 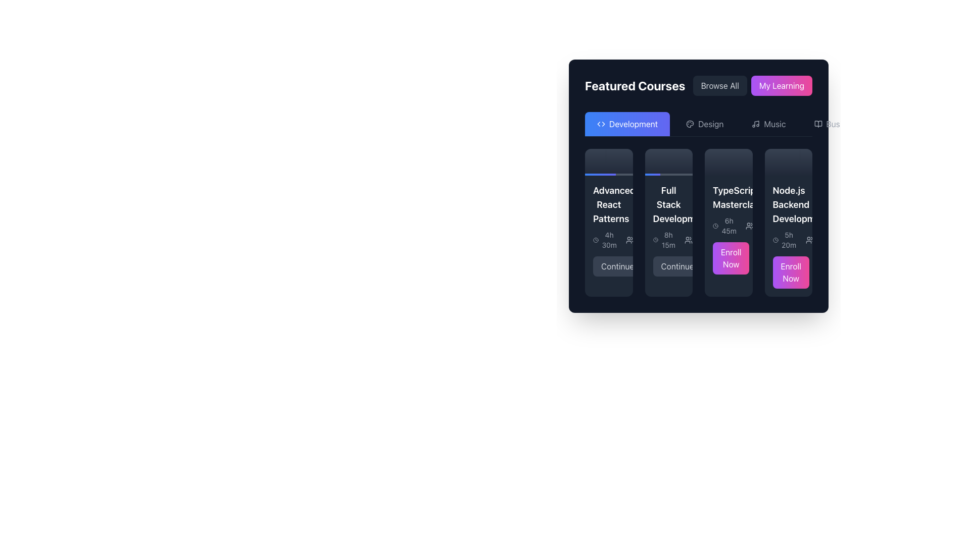 I want to click on the central circle element of the clock icon within the dark-themed sidebar, so click(x=596, y=240).